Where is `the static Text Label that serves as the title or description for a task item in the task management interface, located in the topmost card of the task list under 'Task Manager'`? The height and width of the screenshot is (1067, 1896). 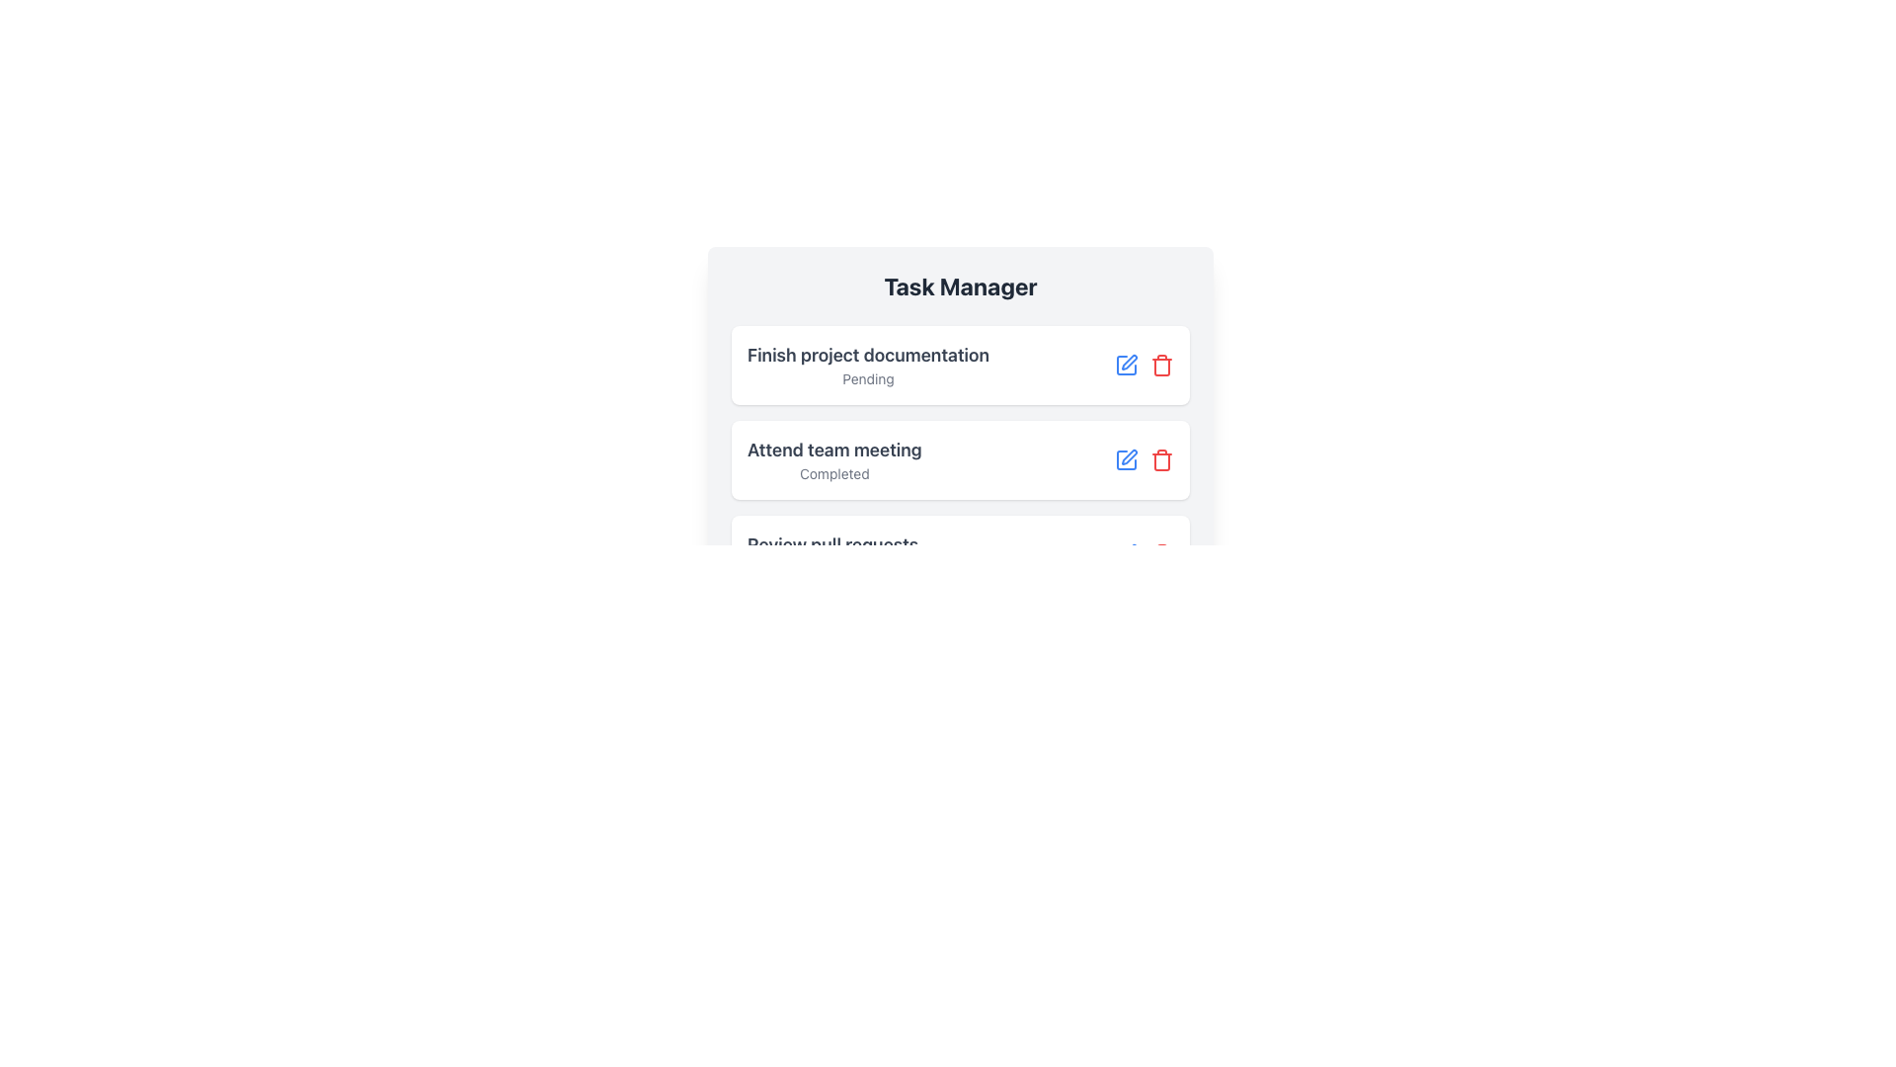 the static Text Label that serves as the title or description for a task item in the task management interface, located in the topmost card of the task list under 'Task Manager' is located at coordinates (868, 354).